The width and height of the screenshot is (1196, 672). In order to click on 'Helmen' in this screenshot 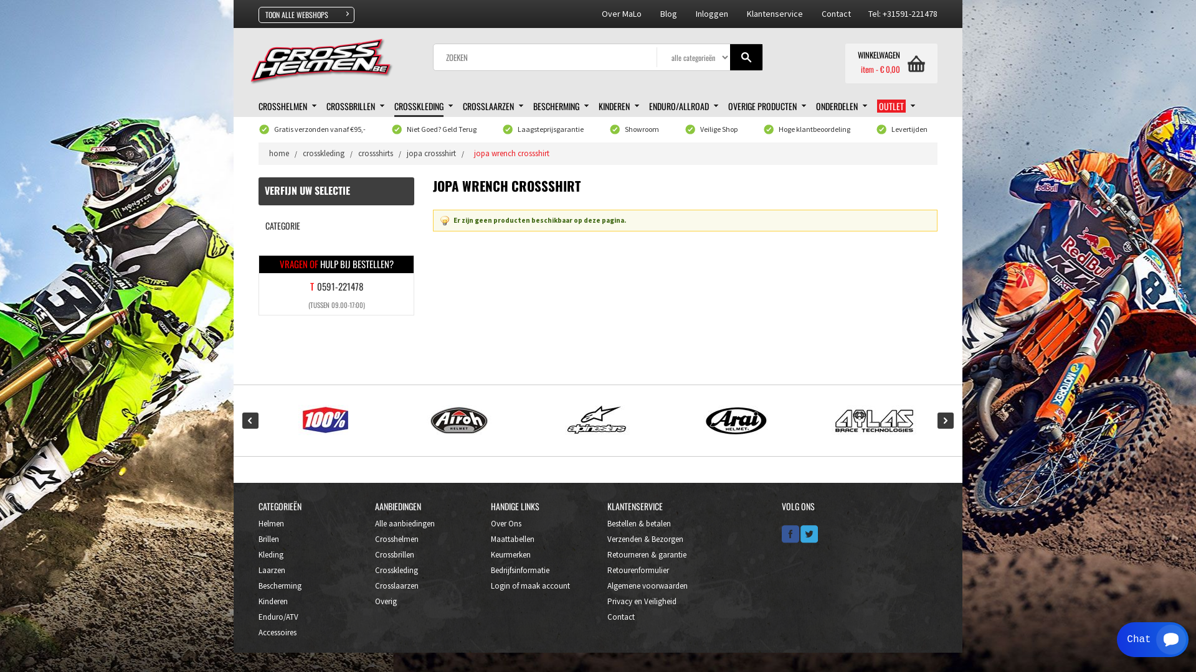, I will do `click(270, 523)`.